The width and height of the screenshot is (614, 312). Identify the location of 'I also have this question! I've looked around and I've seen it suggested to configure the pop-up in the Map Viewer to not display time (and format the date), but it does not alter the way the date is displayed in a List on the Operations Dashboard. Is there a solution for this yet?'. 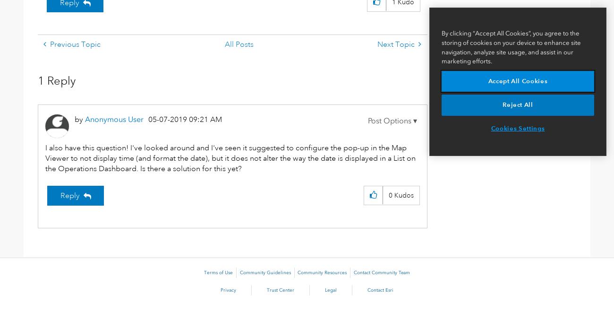
(230, 158).